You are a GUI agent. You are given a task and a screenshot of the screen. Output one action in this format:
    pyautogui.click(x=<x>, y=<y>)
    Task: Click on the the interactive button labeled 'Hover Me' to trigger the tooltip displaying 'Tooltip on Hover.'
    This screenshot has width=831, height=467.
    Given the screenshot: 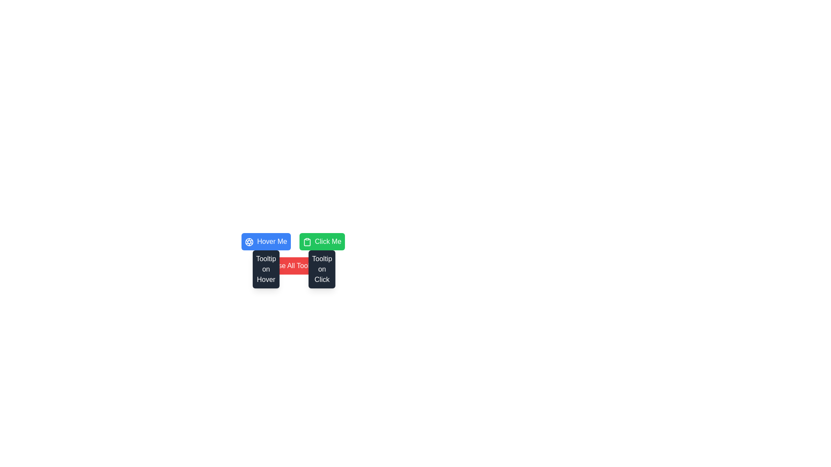 What is the action you would take?
    pyautogui.click(x=265, y=269)
    